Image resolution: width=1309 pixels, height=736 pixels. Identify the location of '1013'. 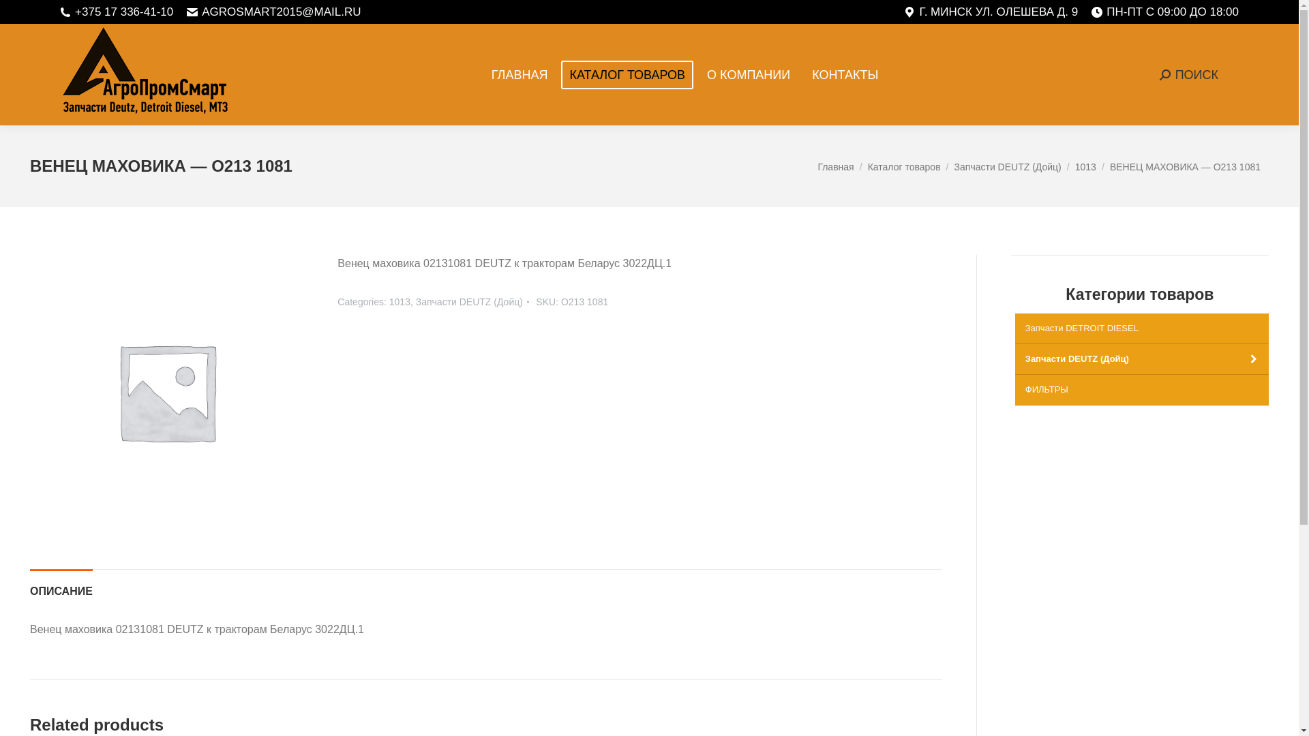
(1085, 165).